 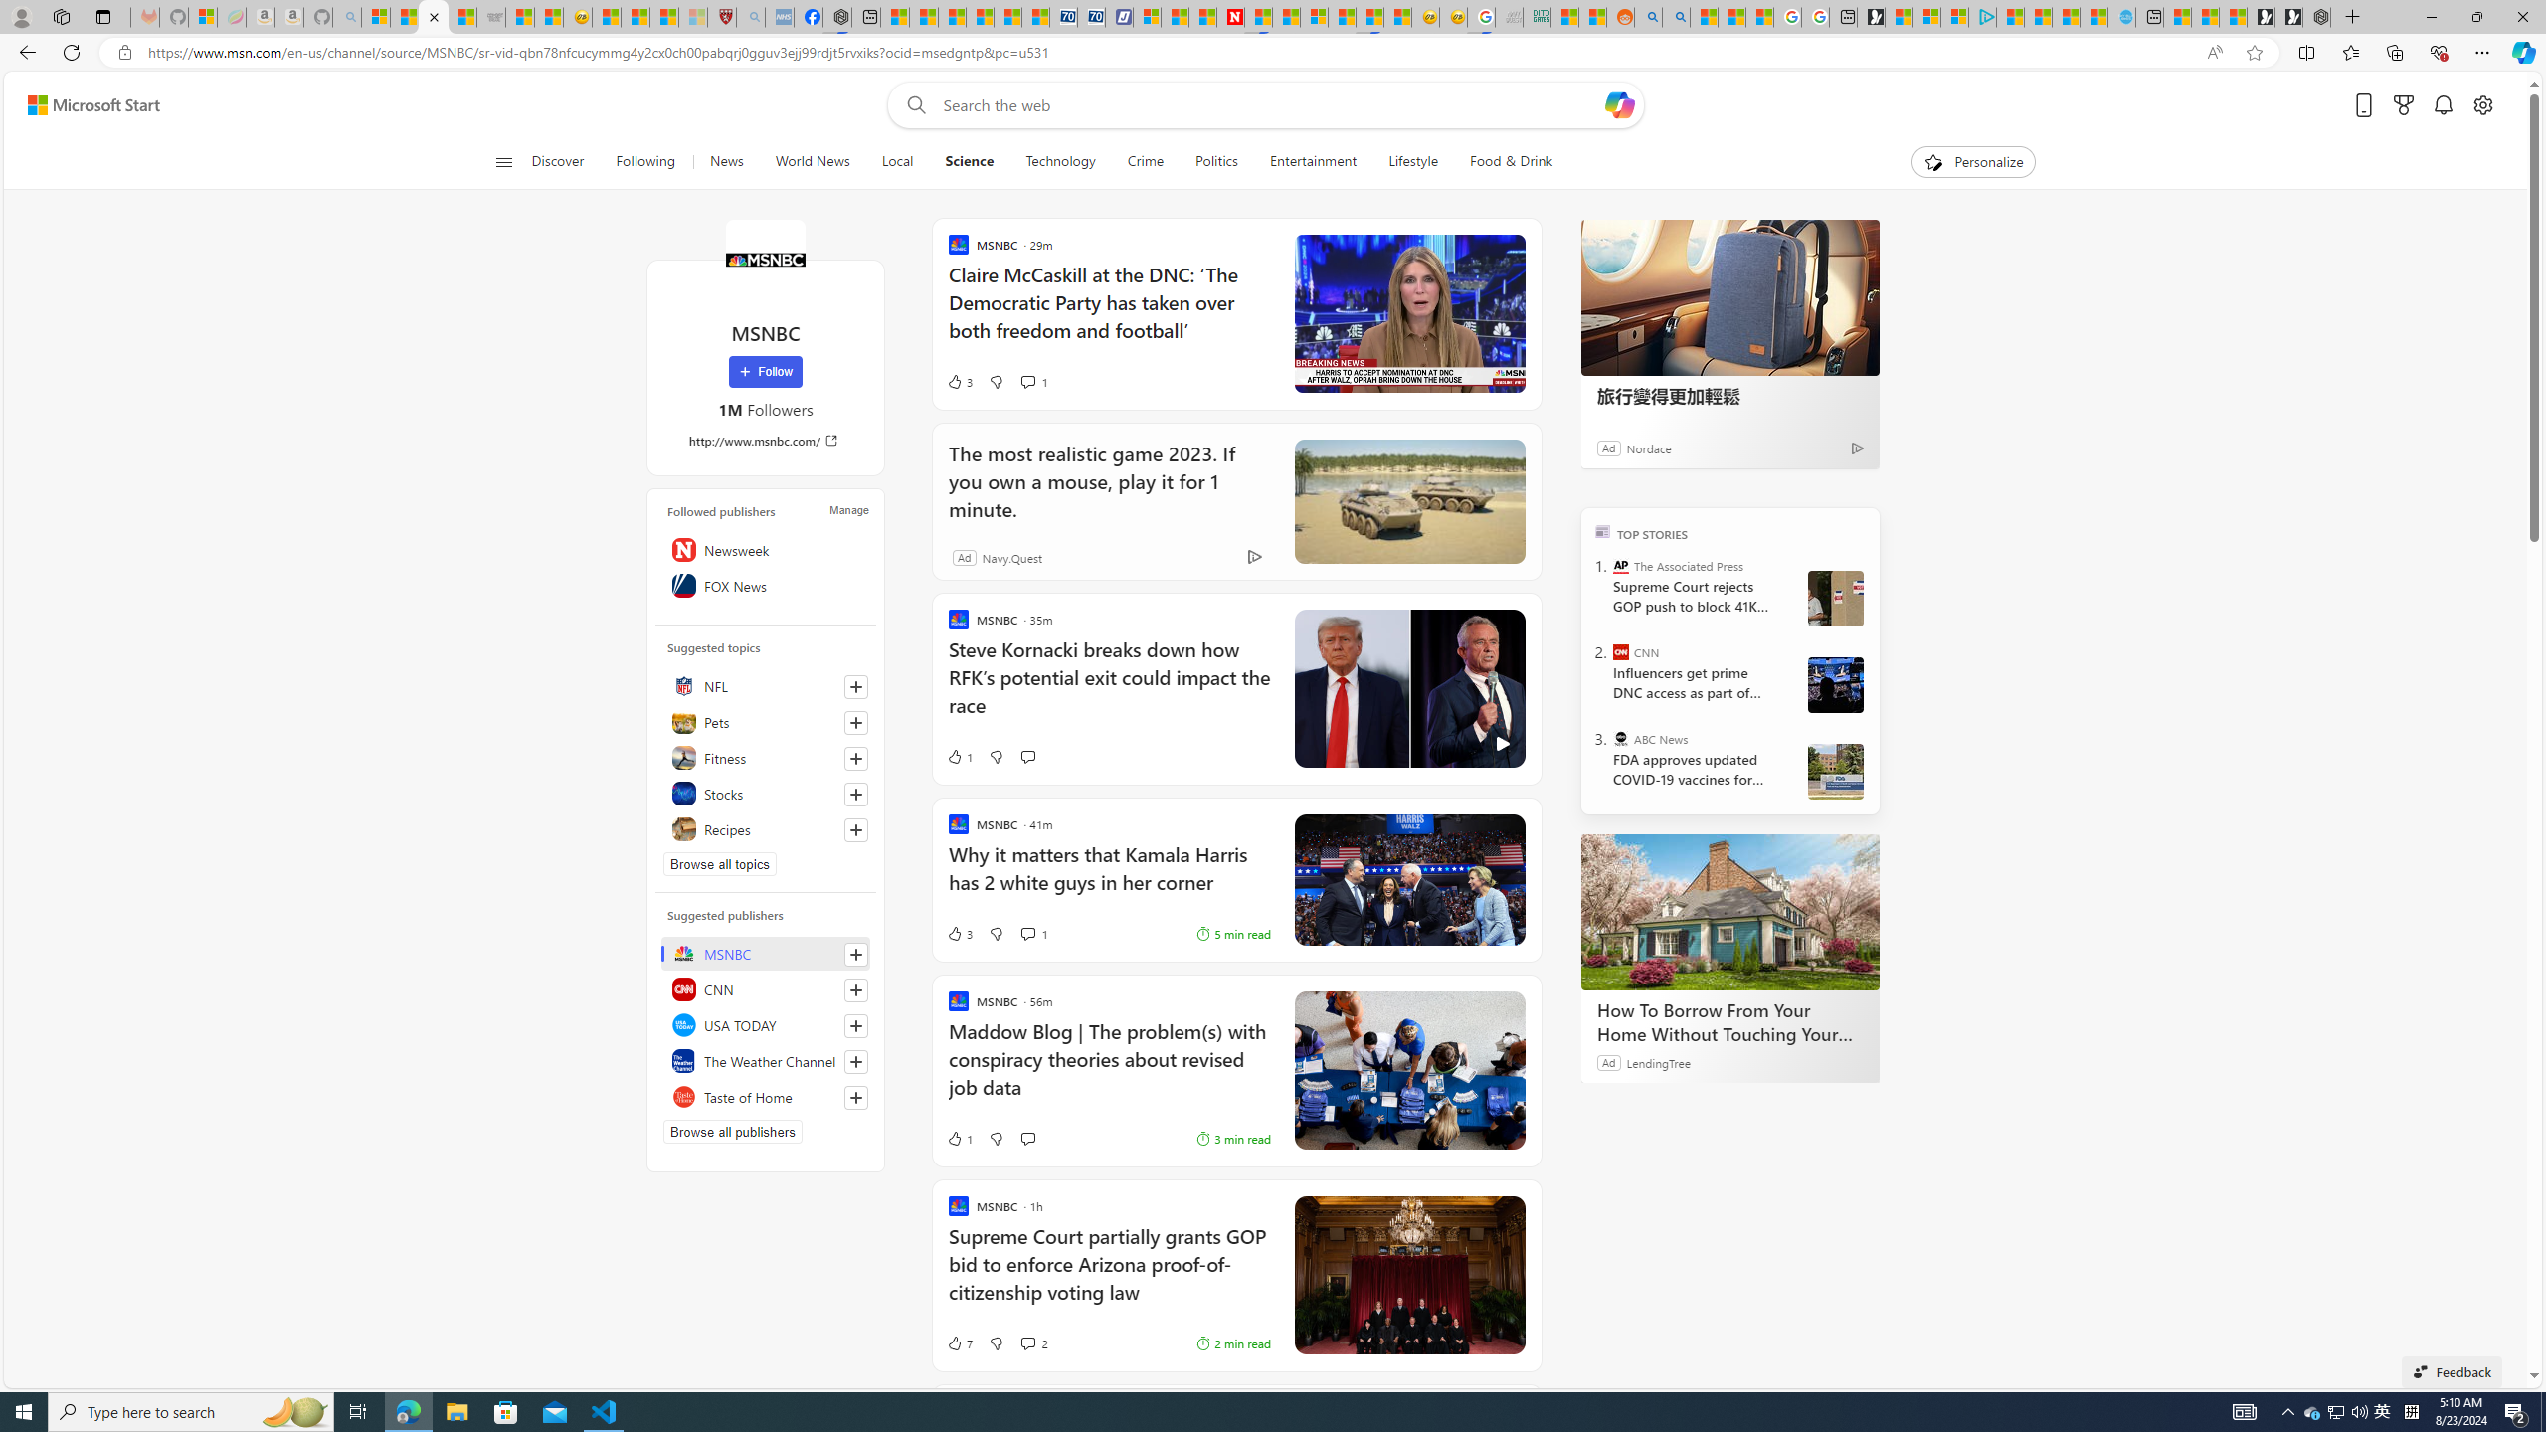 What do you see at coordinates (1649, 447) in the screenshot?
I see `'Nordace'` at bounding box center [1649, 447].